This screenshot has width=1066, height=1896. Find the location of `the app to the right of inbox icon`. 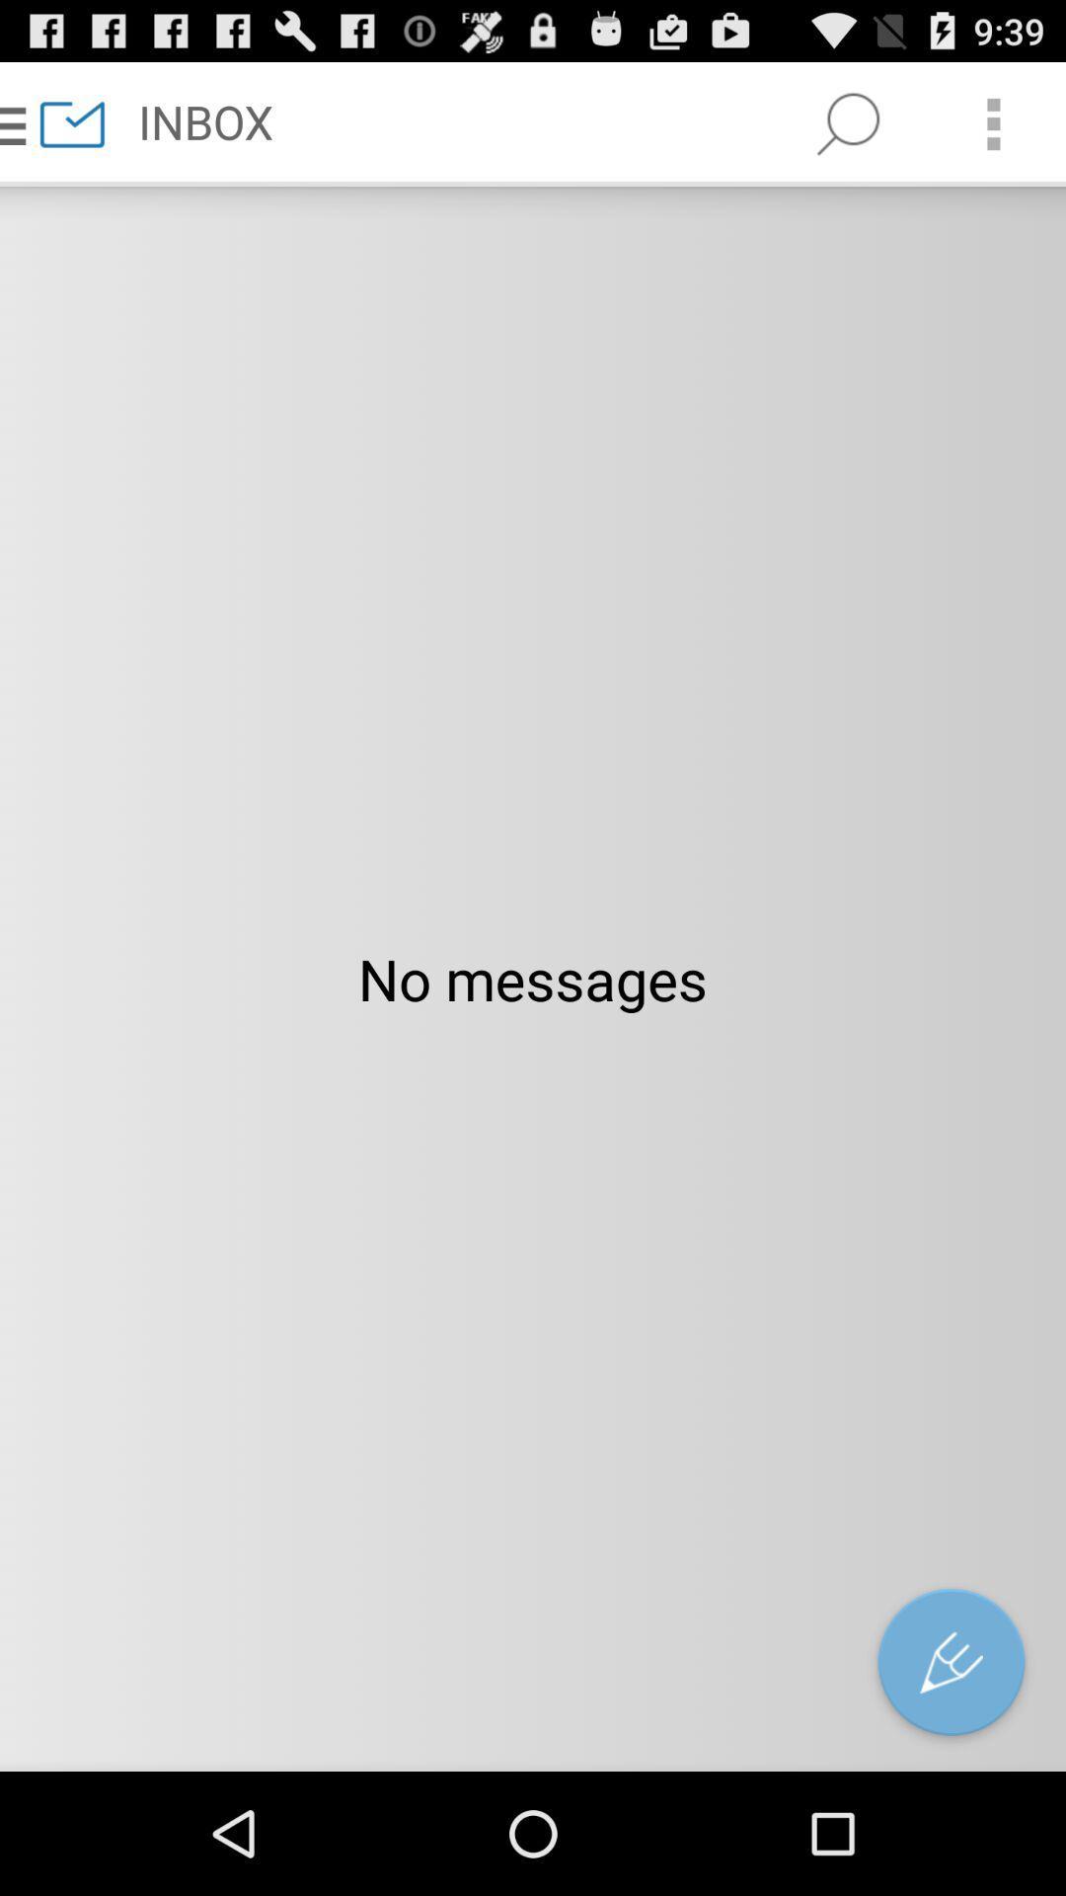

the app to the right of inbox icon is located at coordinates (847, 122).